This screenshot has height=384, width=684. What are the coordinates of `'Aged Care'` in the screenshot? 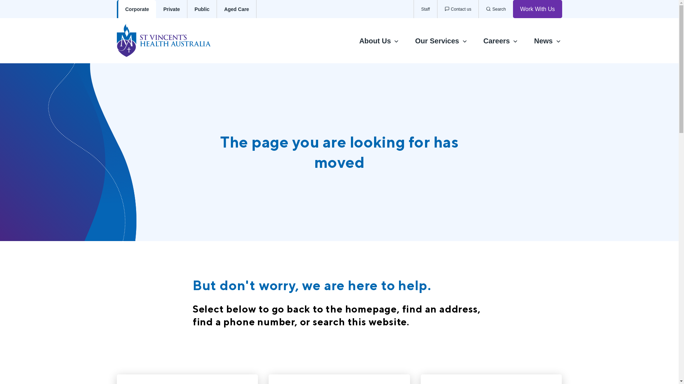 It's located at (237, 9).